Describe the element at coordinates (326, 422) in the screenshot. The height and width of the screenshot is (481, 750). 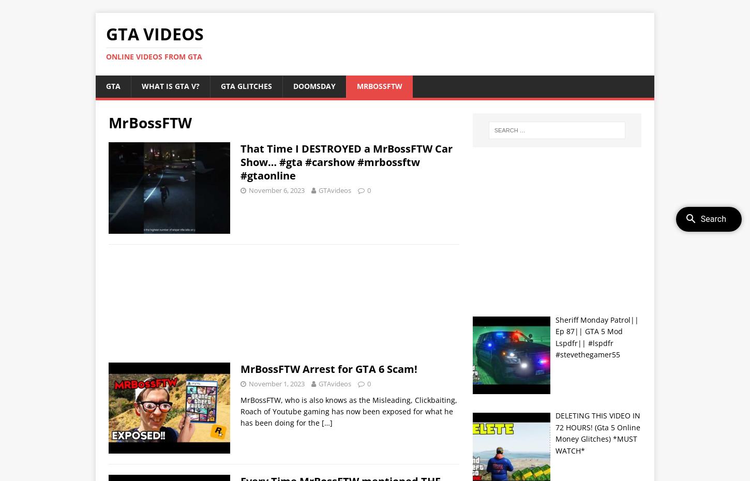
I see `'[…]'` at that location.